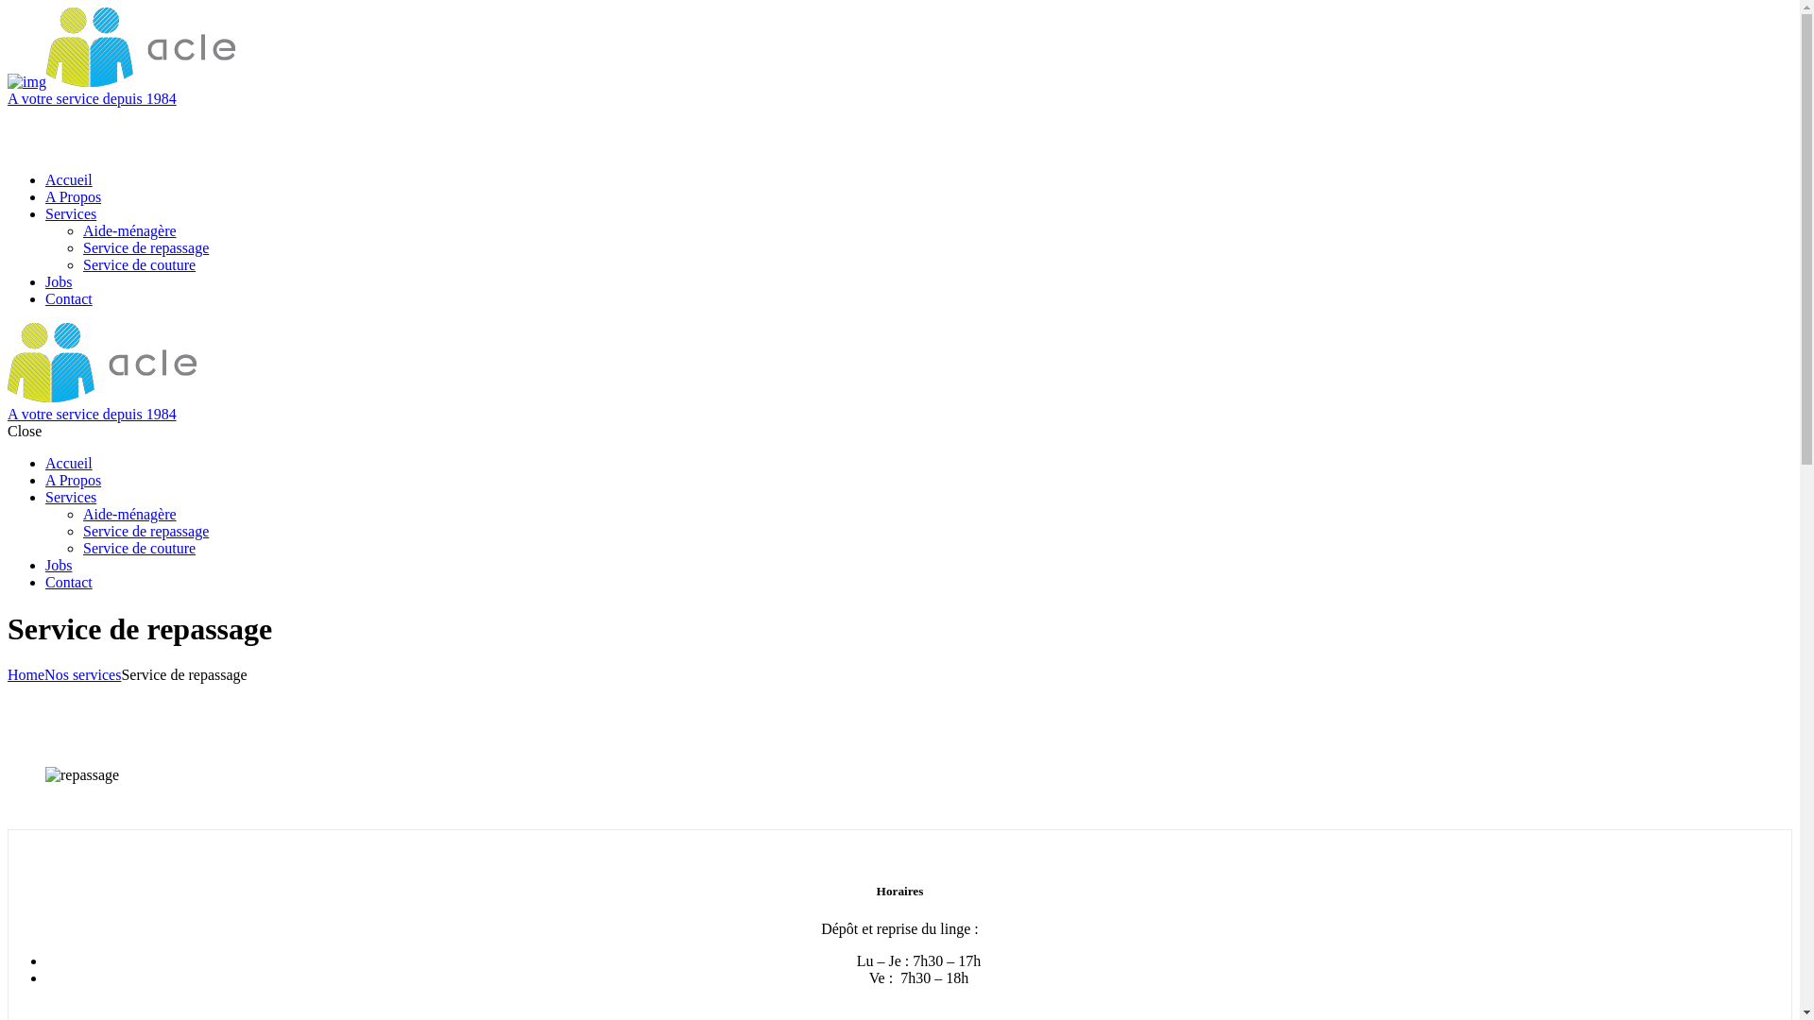  What do you see at coordinates (73, 479) in the screenshot?
I see `'A Propos'` at bounding box center [73, 479].